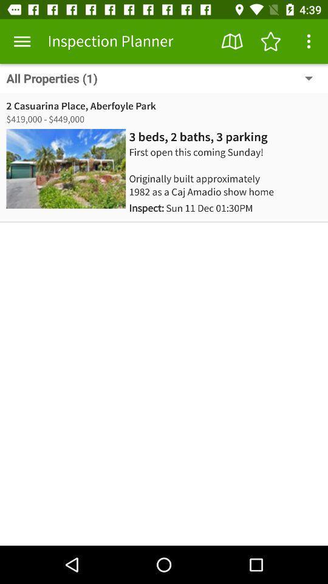 Image resolution: width=328 pixels, height=584 pixels. What do you see at coordinates (81, 105) in the screenshot?
I see `the item above the 419 000 449 item` at bounding box center [81, 105].